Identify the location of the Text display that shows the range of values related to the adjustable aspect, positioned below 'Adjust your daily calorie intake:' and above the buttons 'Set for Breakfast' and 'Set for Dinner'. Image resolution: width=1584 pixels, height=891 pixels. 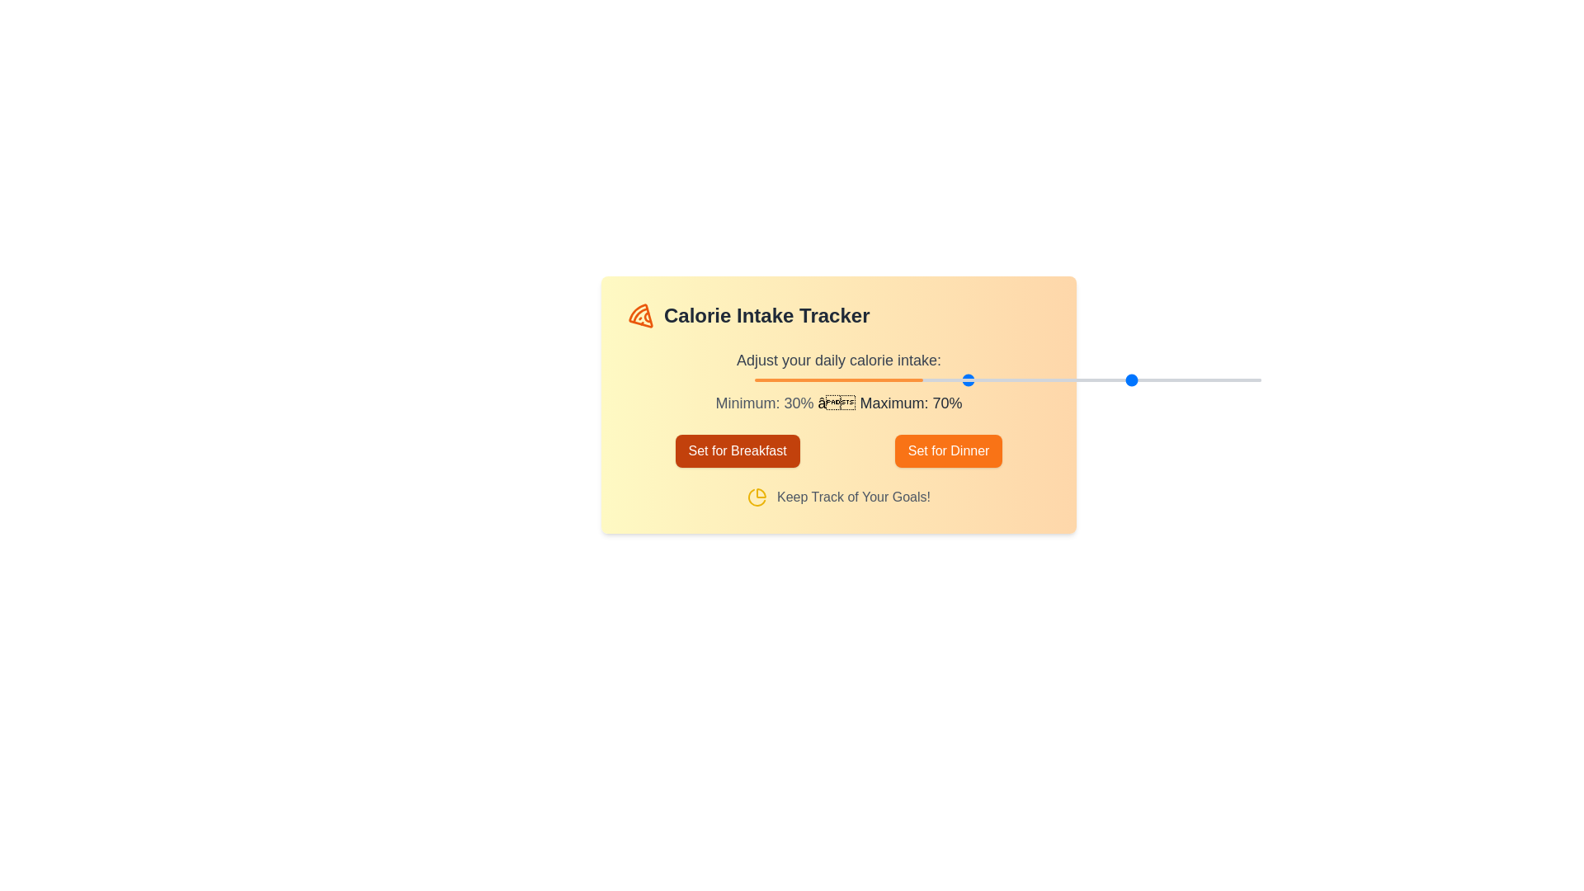
(839, 403).